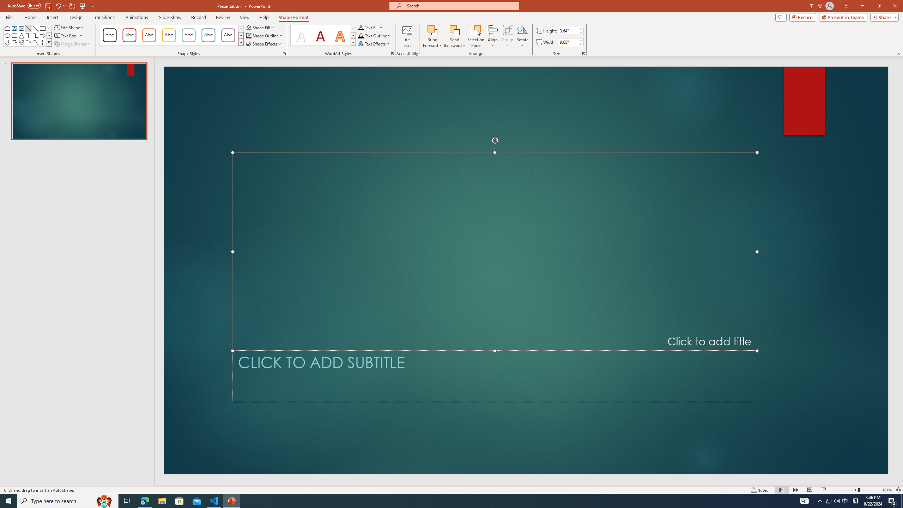  Describe the element at coordinates (42, 35) in the screenshot. I see `'Arrow: Right'` at that location.